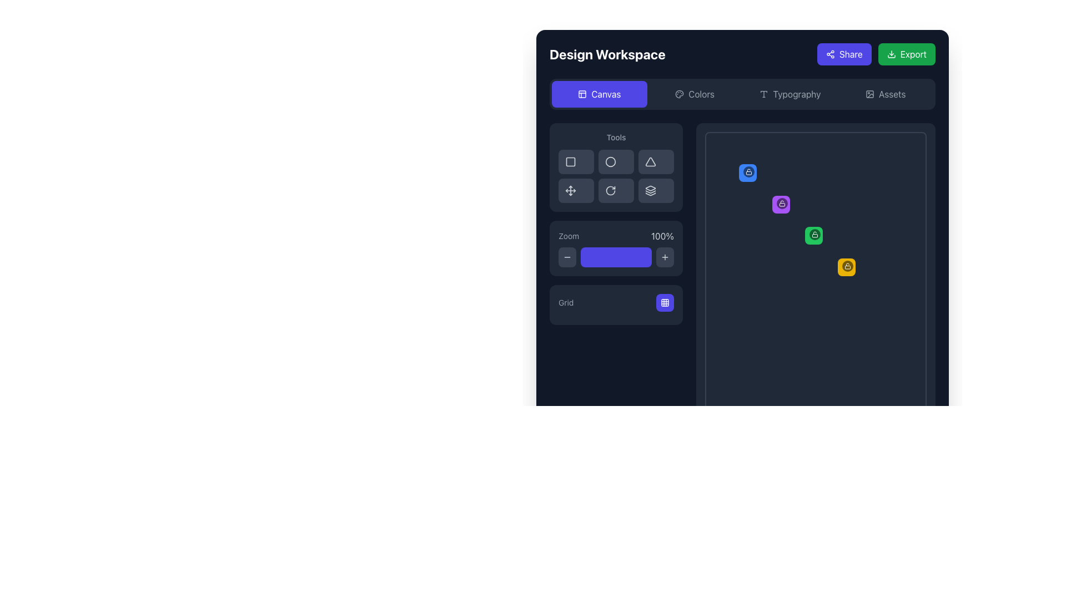  What do you see at coordinates (650, 190) in the screenshot?
I see `the sixth icon button in the Tools section of the left-side panel` at bounding box center [650, 190].